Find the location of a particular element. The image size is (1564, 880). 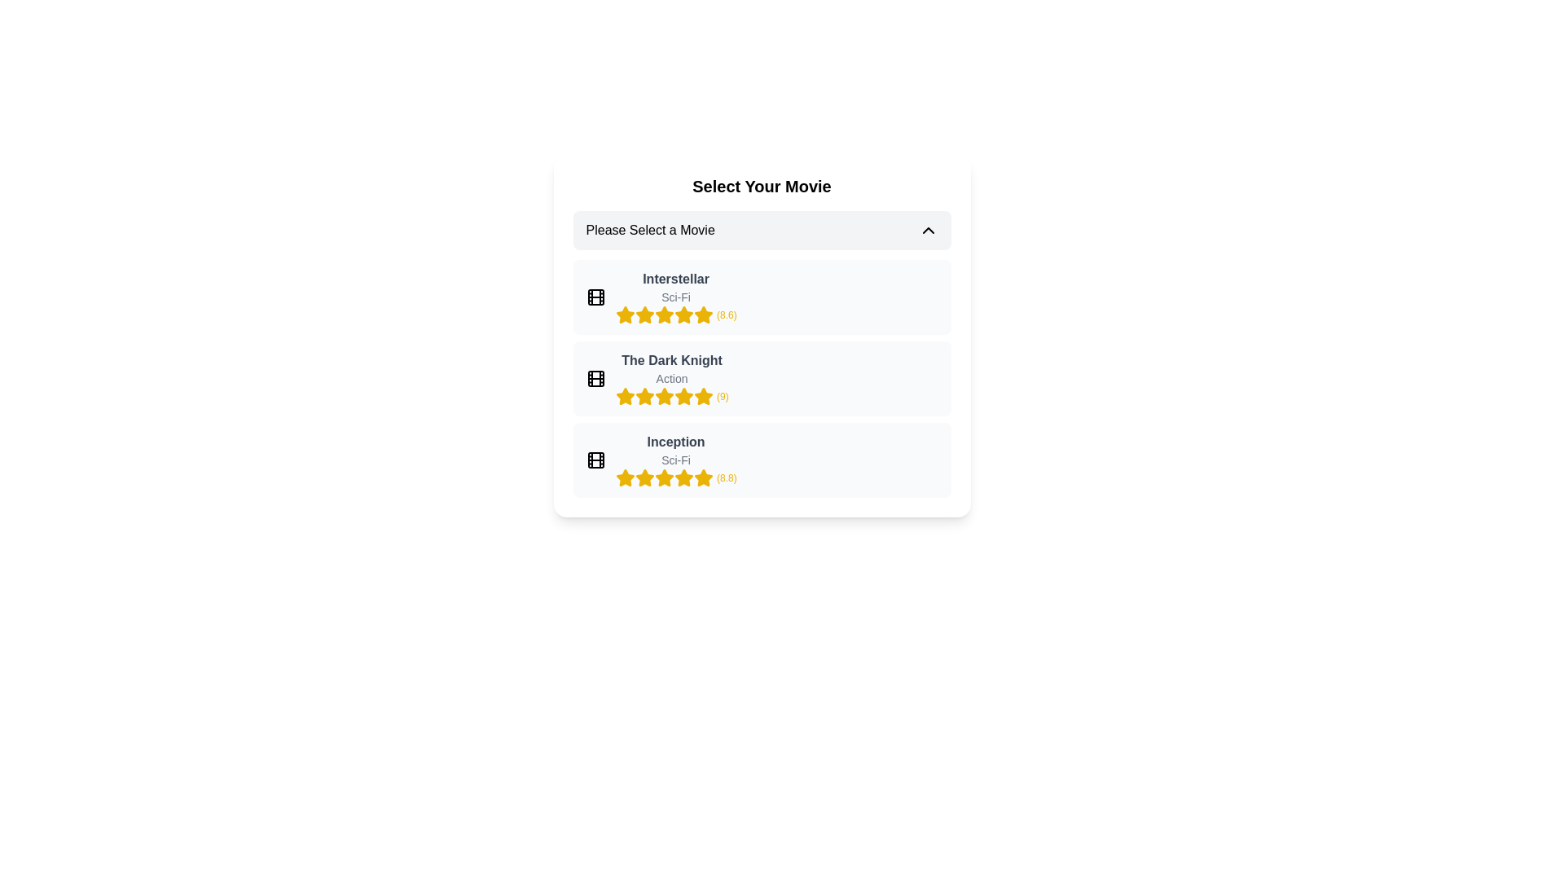

the yellow star icon representing the rating for 'The Dark Knight', which is the third star in the sequence of rating icons is located at coordinates (624, 396).